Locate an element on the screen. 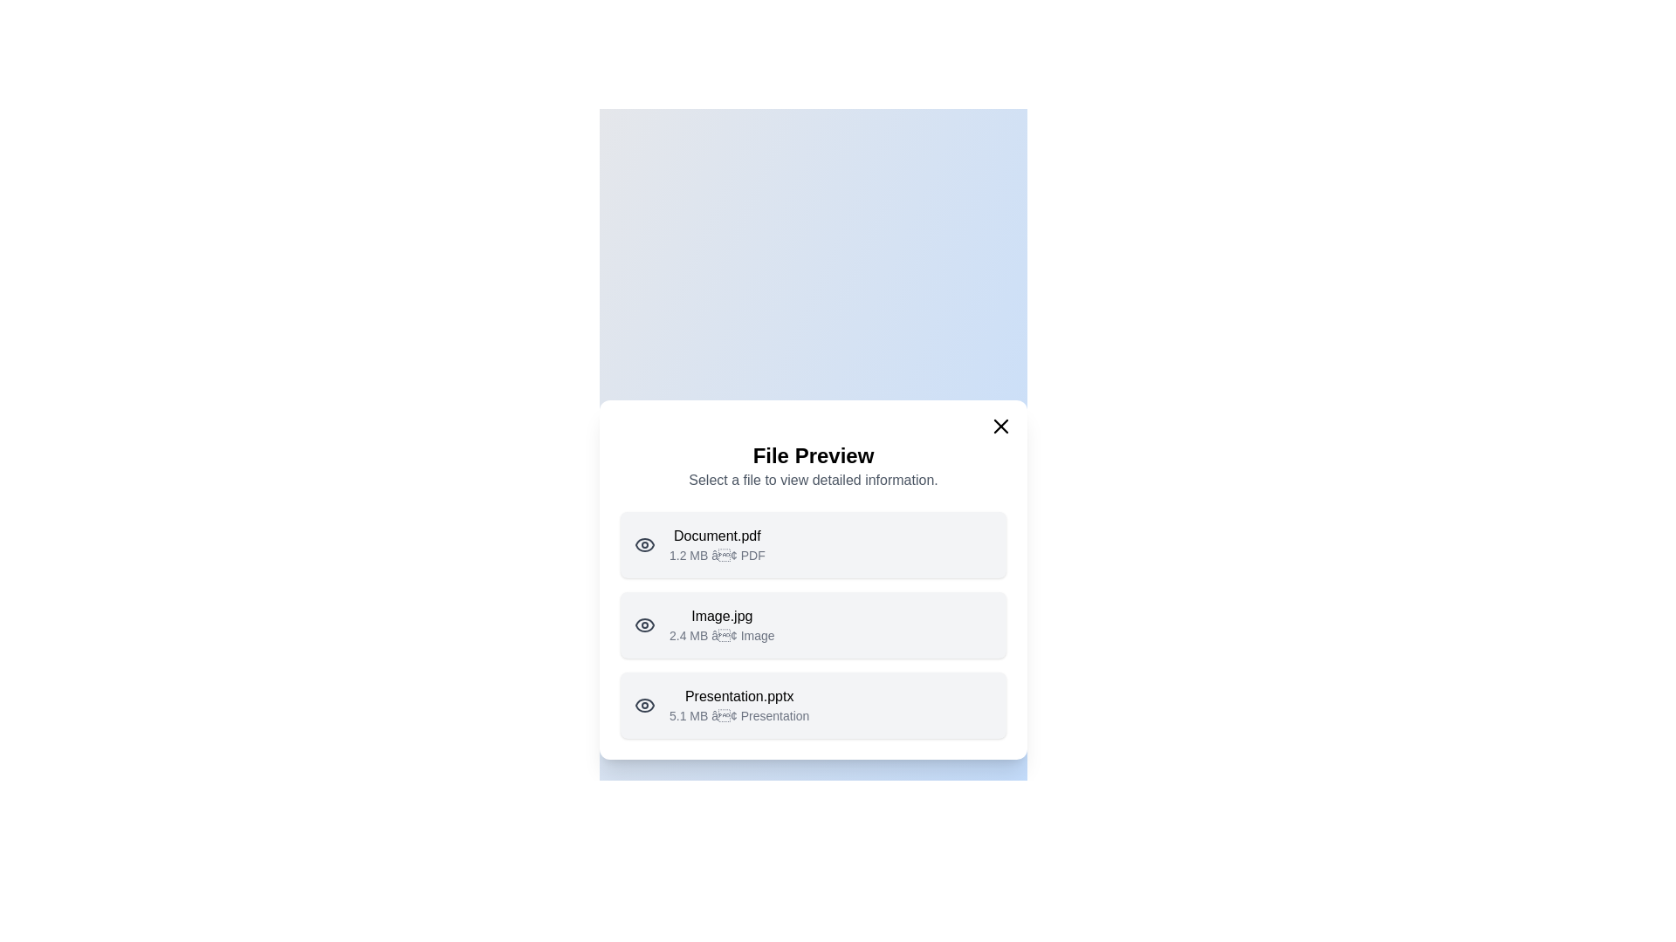  the file item Presentation.pptx to observe its hover effect is located at coordinates (812, 705).